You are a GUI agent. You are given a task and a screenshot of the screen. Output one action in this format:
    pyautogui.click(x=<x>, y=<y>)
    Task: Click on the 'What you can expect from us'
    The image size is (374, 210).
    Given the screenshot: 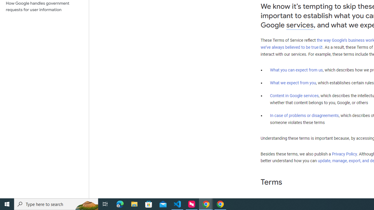 What is the action you would take?
    pyautogui.click(x=296, y=70)
    